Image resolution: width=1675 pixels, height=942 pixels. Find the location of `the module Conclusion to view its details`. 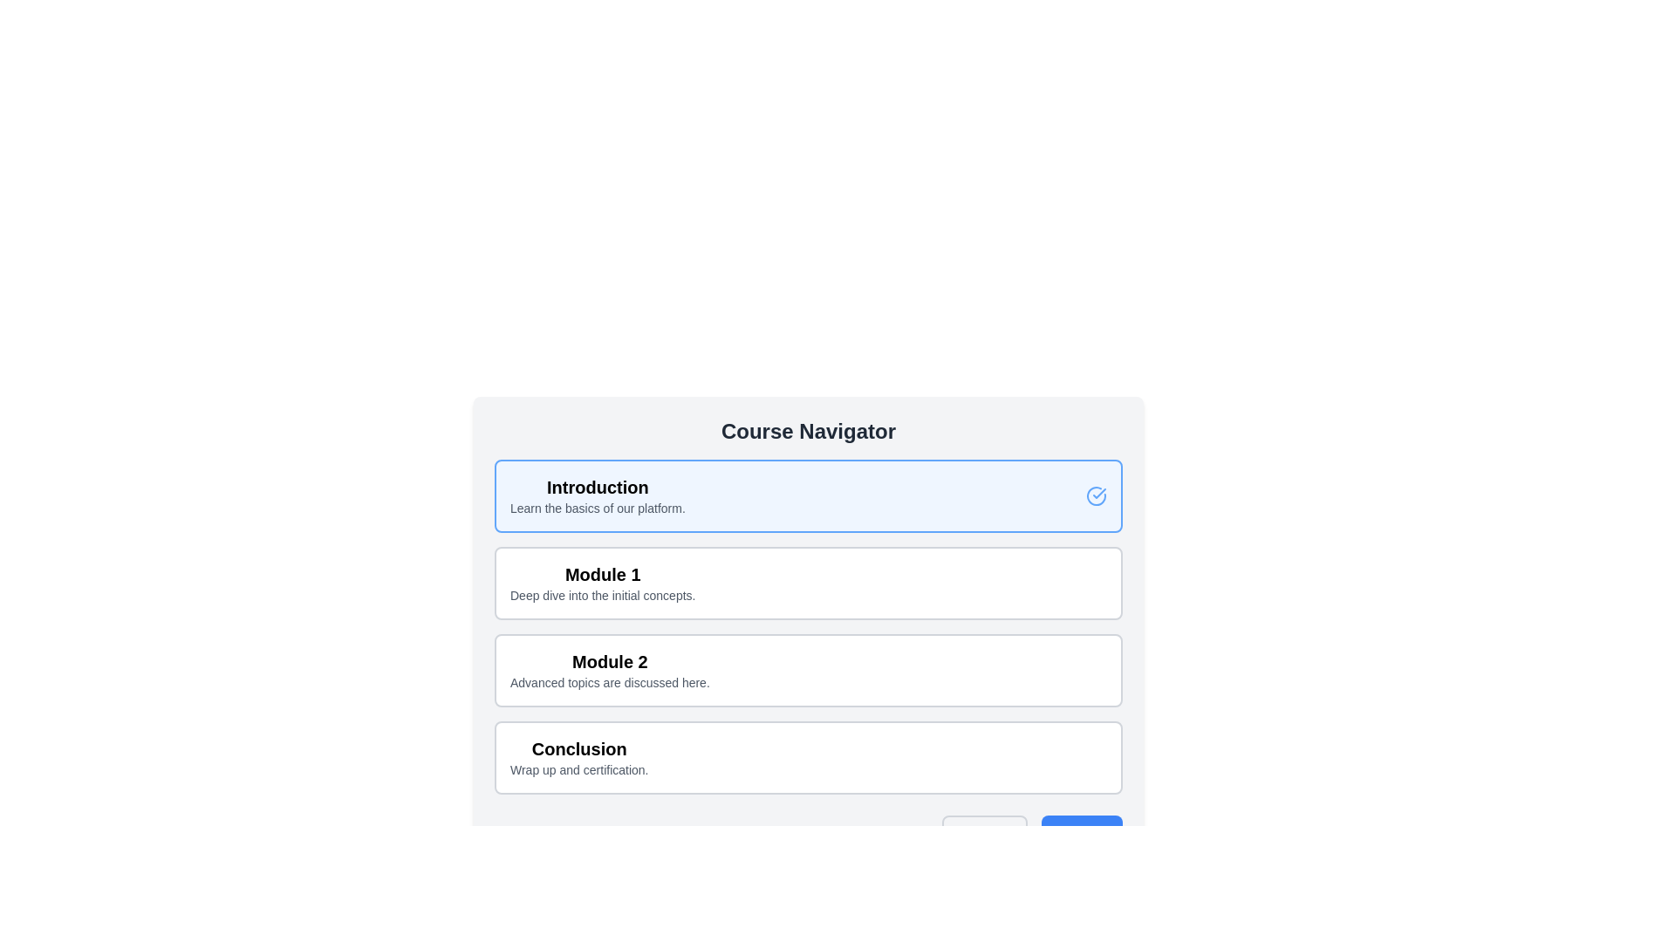

the module Conclusion to view its details is located at coordinates (807, 756).